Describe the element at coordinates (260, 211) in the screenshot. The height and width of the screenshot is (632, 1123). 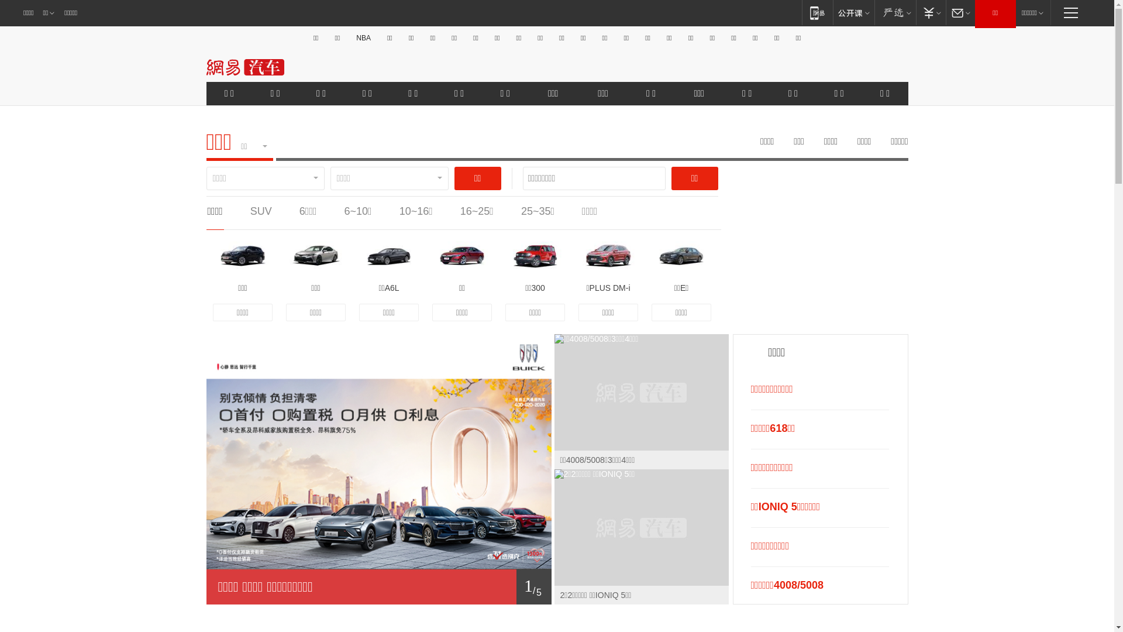
I see `'SUV'` at that location.